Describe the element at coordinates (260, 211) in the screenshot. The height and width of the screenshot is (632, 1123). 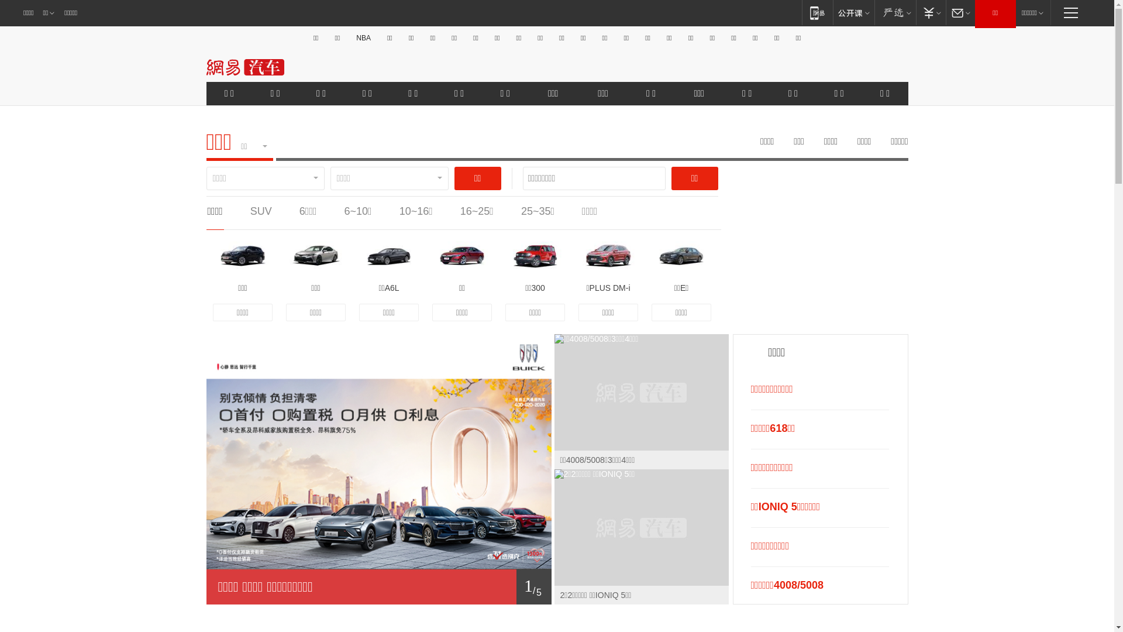
I see `'SUV'` at that location.